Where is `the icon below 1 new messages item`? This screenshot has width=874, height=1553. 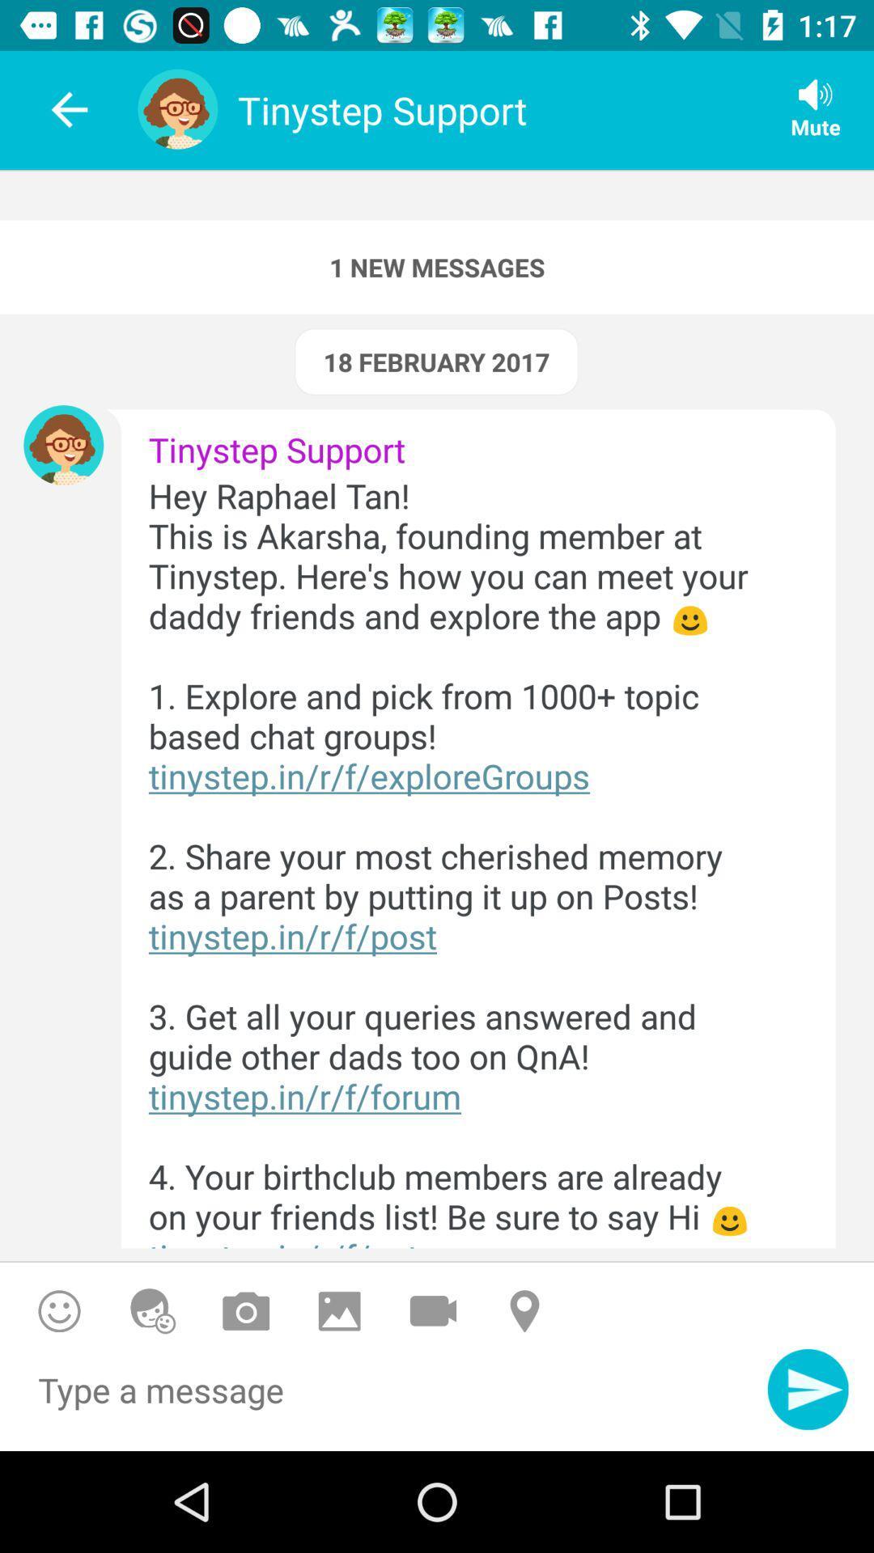
the icon below 1 new messages item is located at coordinates (435, 361).